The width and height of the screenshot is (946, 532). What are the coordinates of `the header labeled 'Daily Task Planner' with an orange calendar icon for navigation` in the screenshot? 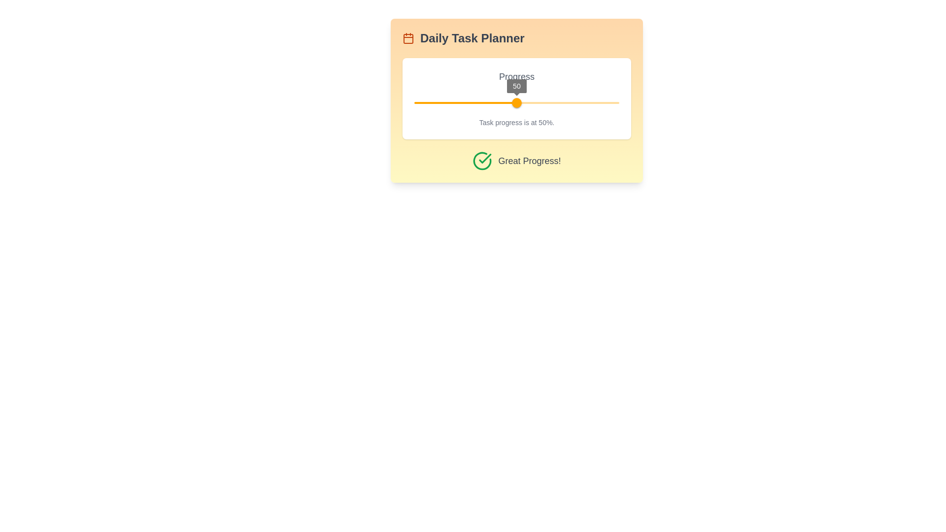 It's located at (516, 37).